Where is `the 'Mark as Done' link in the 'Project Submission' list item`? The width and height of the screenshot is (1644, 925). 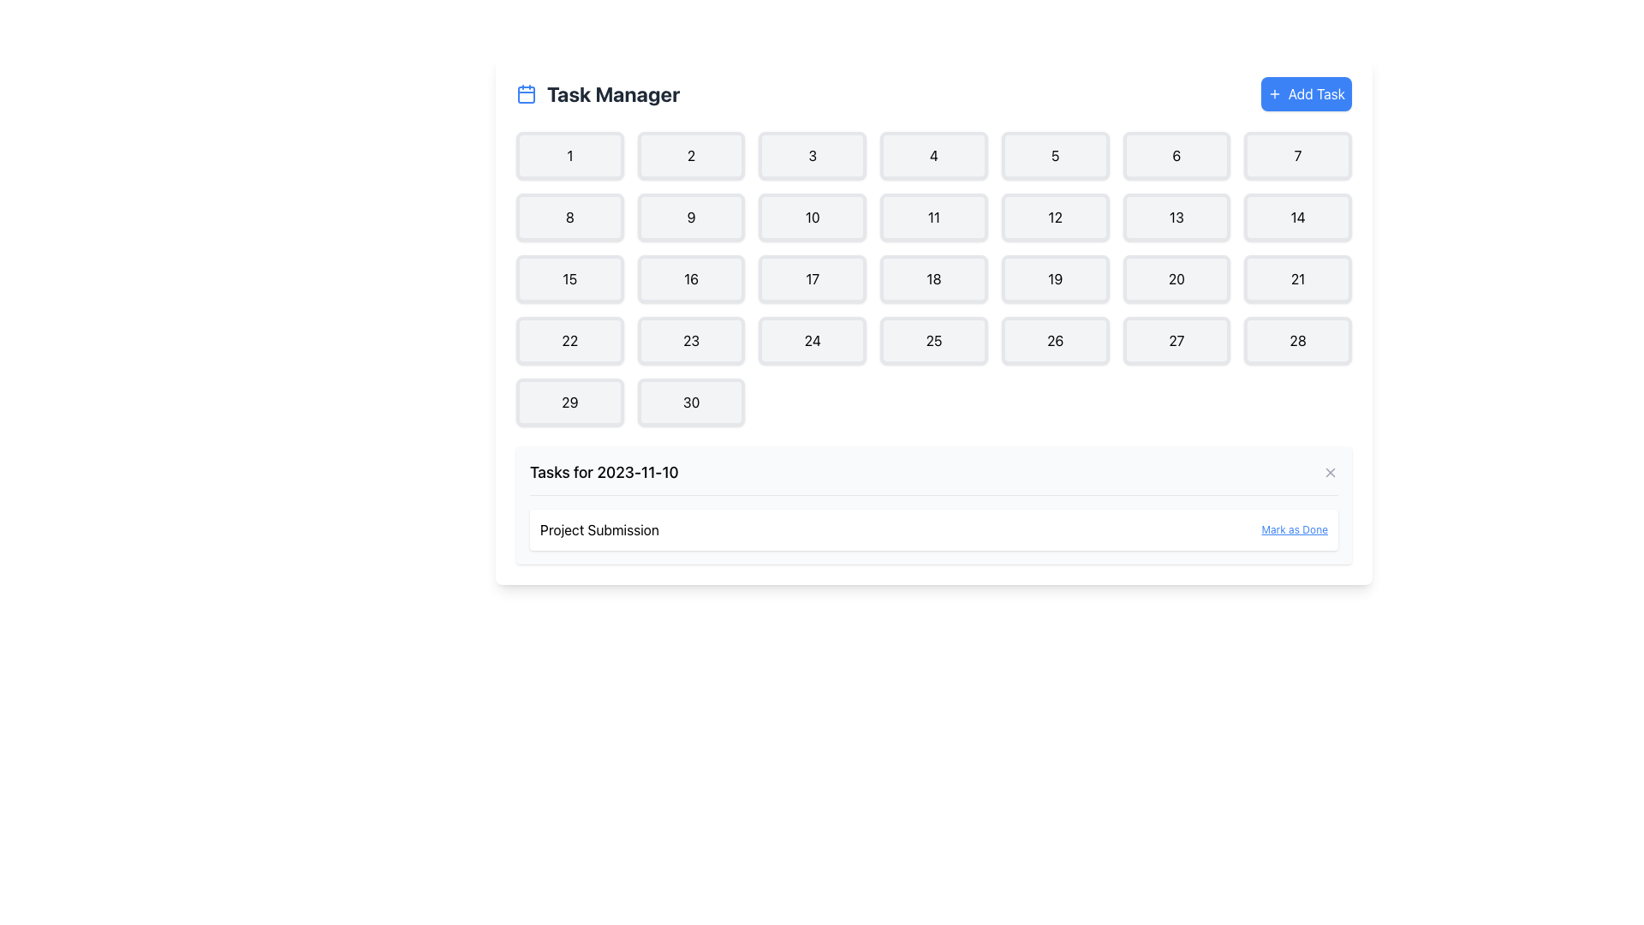 the 'Mark as Done' link in the 'Project Submission' list item is located at coordinates (932, 528).